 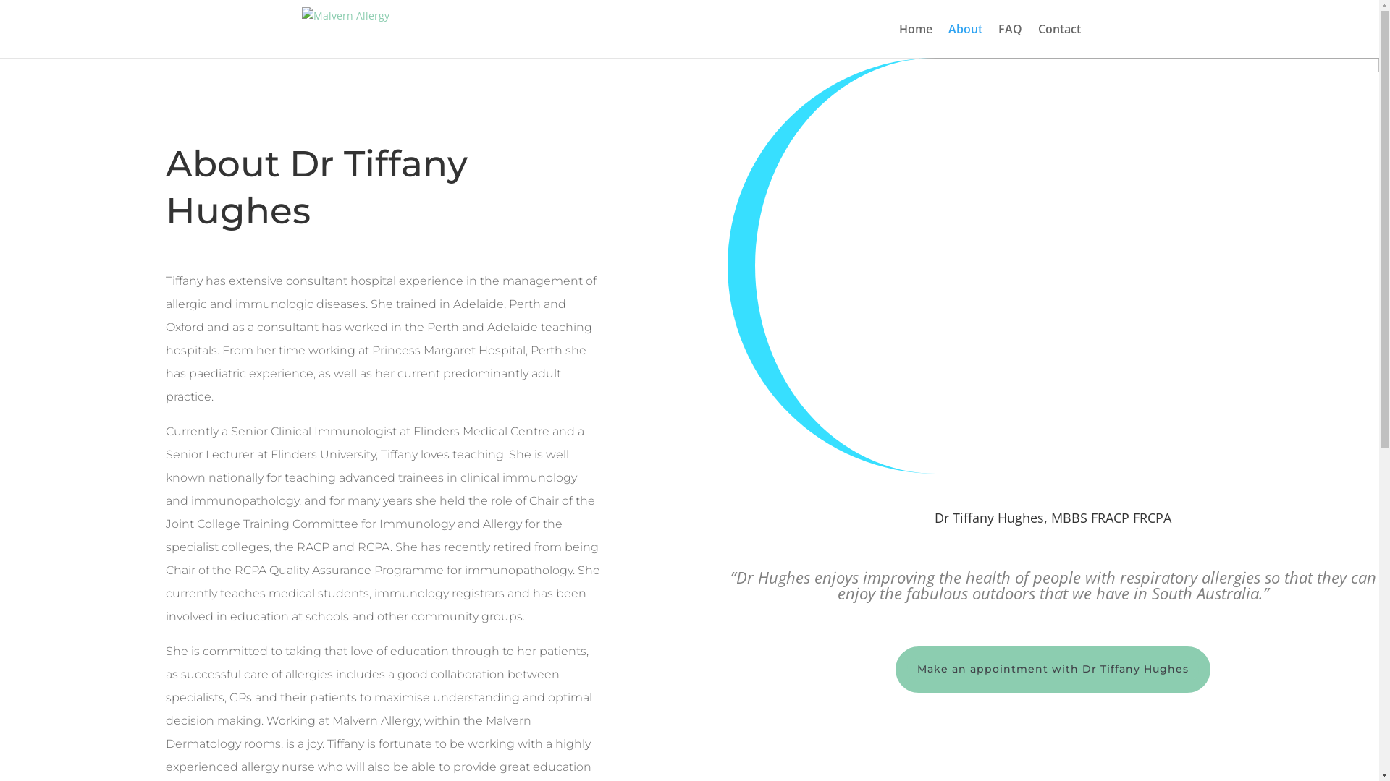 I want to click on 'Contact', so click(x=1059, y=40).